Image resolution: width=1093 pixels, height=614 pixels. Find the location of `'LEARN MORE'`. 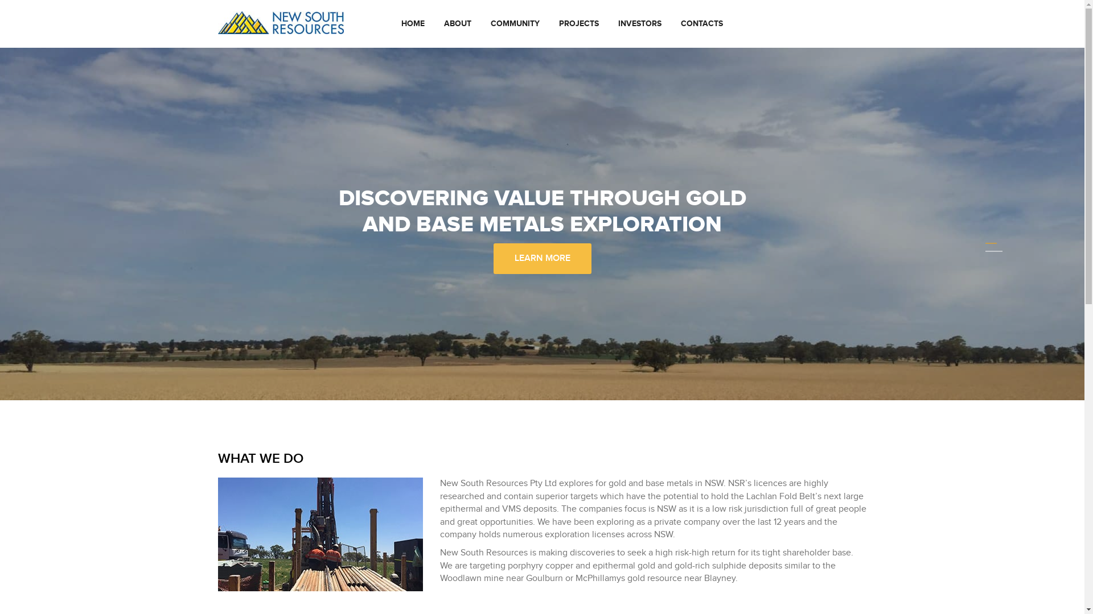

'LEARN MORE' is located at coordinates (492, 259).